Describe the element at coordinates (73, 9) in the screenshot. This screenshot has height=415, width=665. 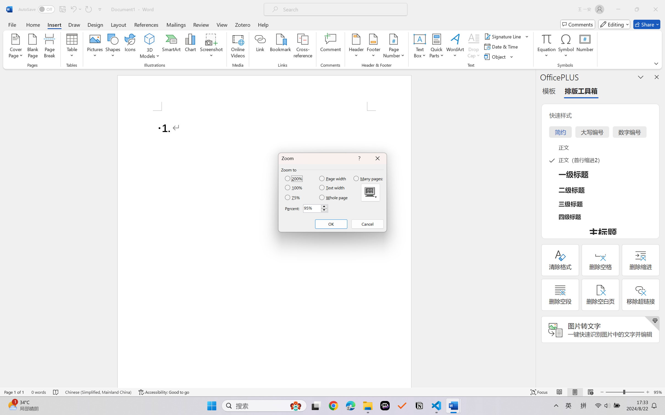
I see `'Undo Number Default'` at that location.